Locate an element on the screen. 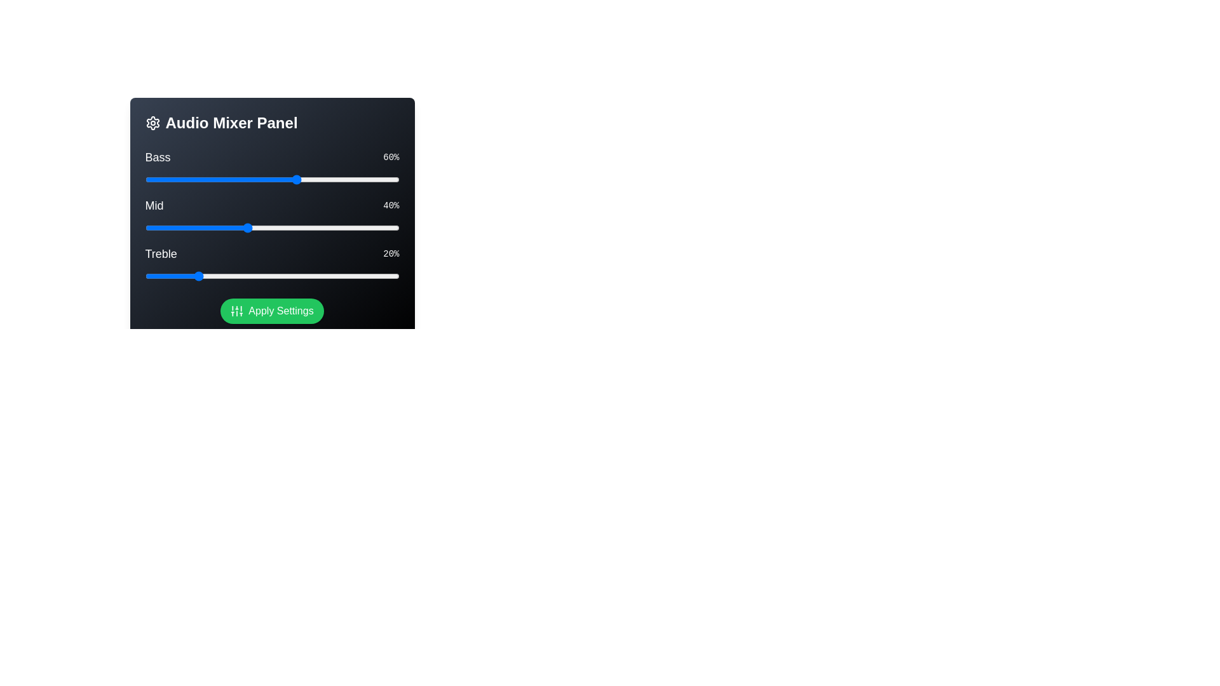 The image size is (1220, 686). the Bass slider to 4% is located at coordinates (154, 179).